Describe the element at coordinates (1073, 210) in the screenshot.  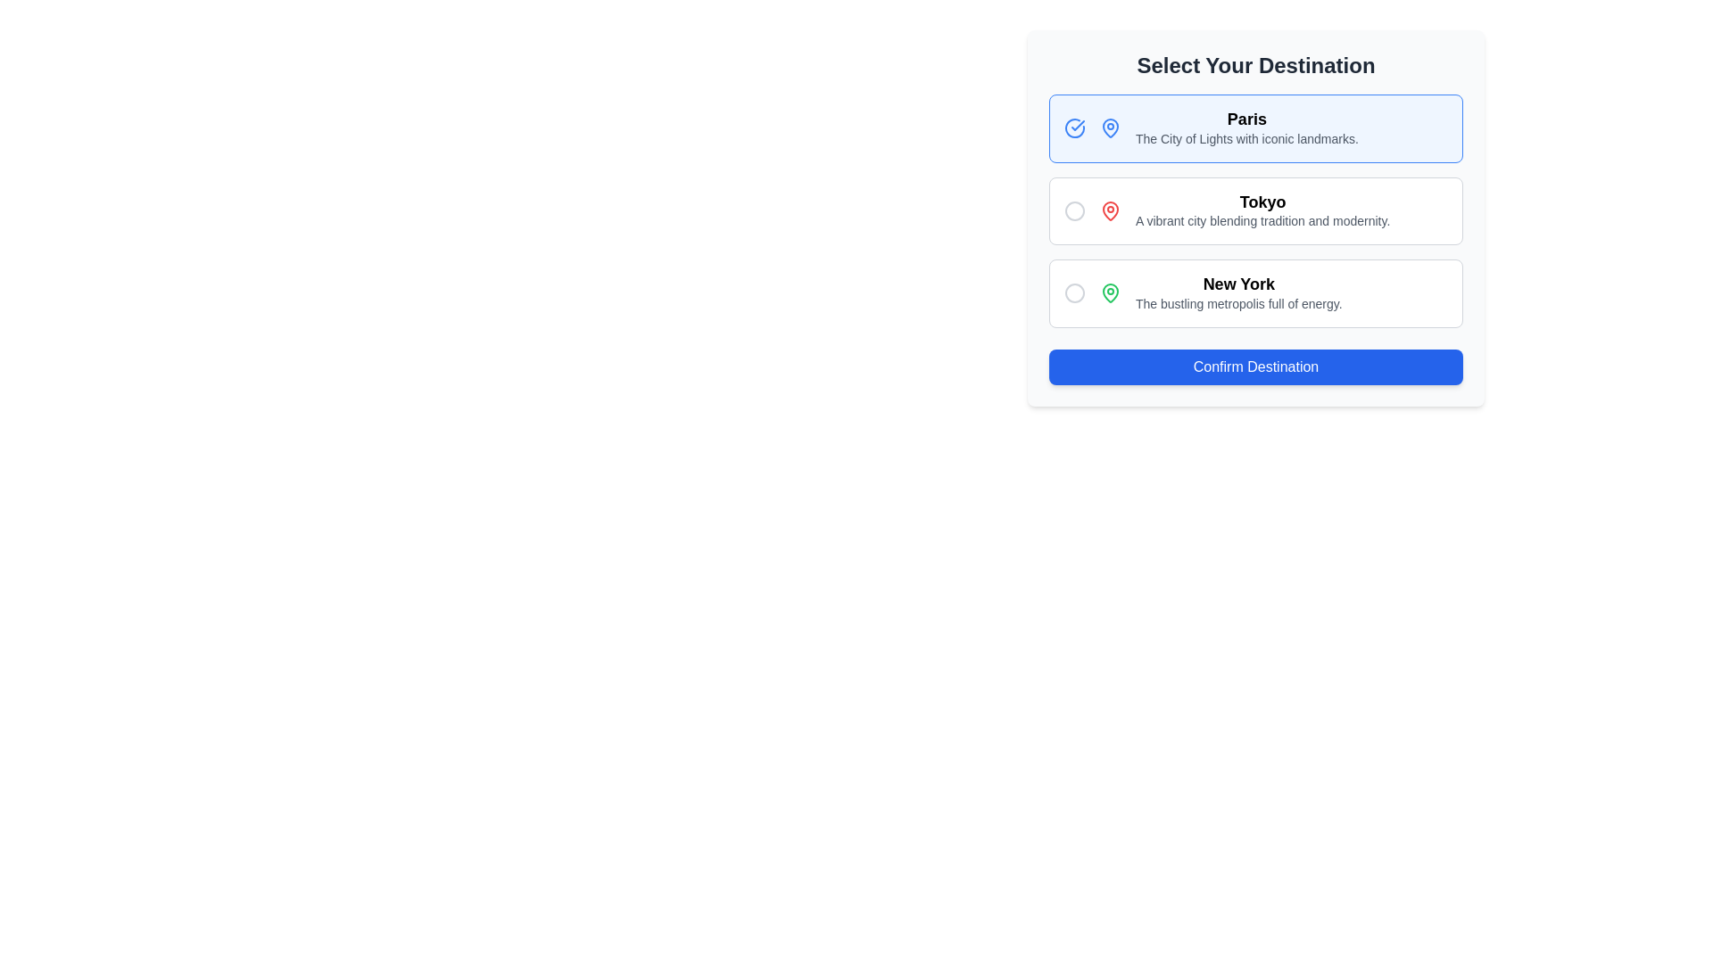
I see `the second radio button indicator for the 'Tokyo' option in the destination selection interface using keyboard navigation` at that location.